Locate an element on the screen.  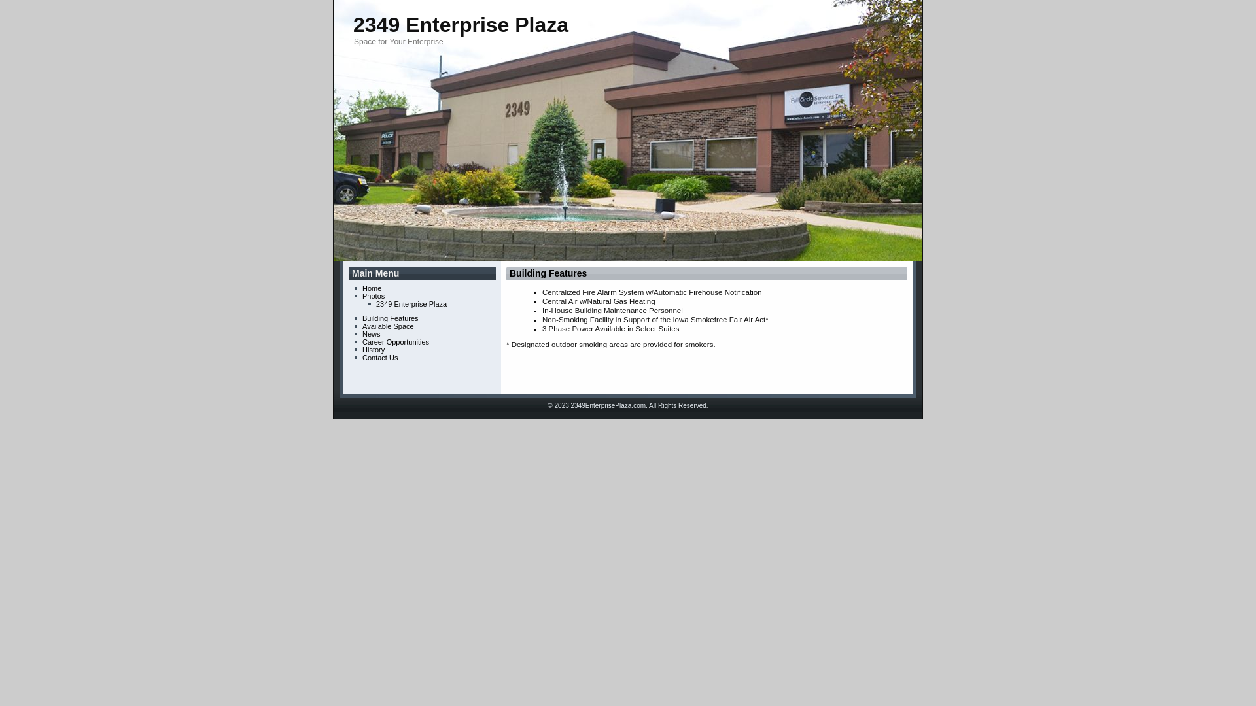
'Available Space' is located at coordinates (387, 325).